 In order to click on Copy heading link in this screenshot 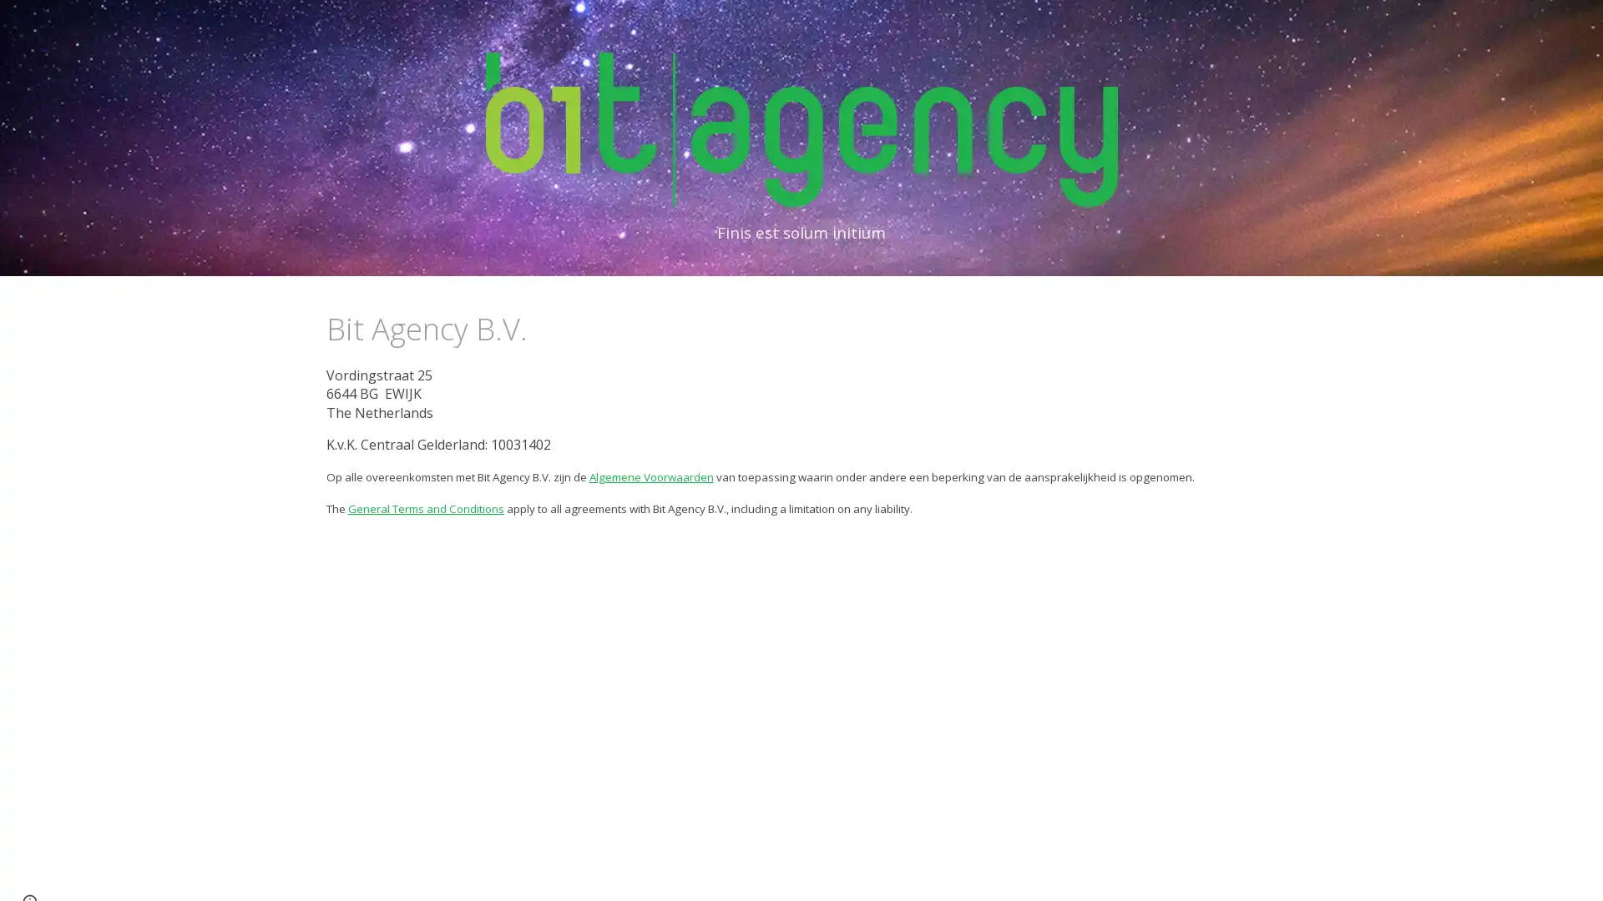, I will do `click(545, 328)`.